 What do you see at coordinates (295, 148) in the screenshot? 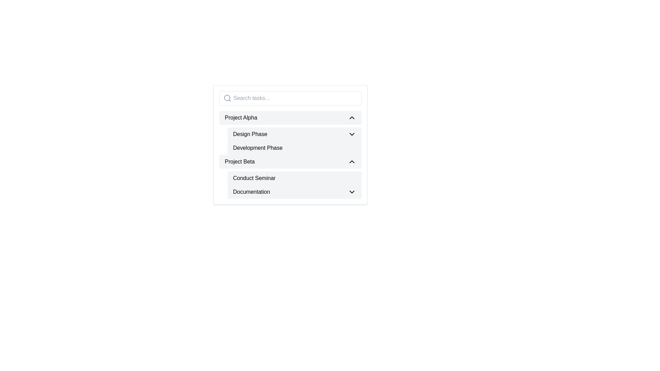
I see `the selectable 'Development Phase' item in the task list` at bounding box center [295, 148].